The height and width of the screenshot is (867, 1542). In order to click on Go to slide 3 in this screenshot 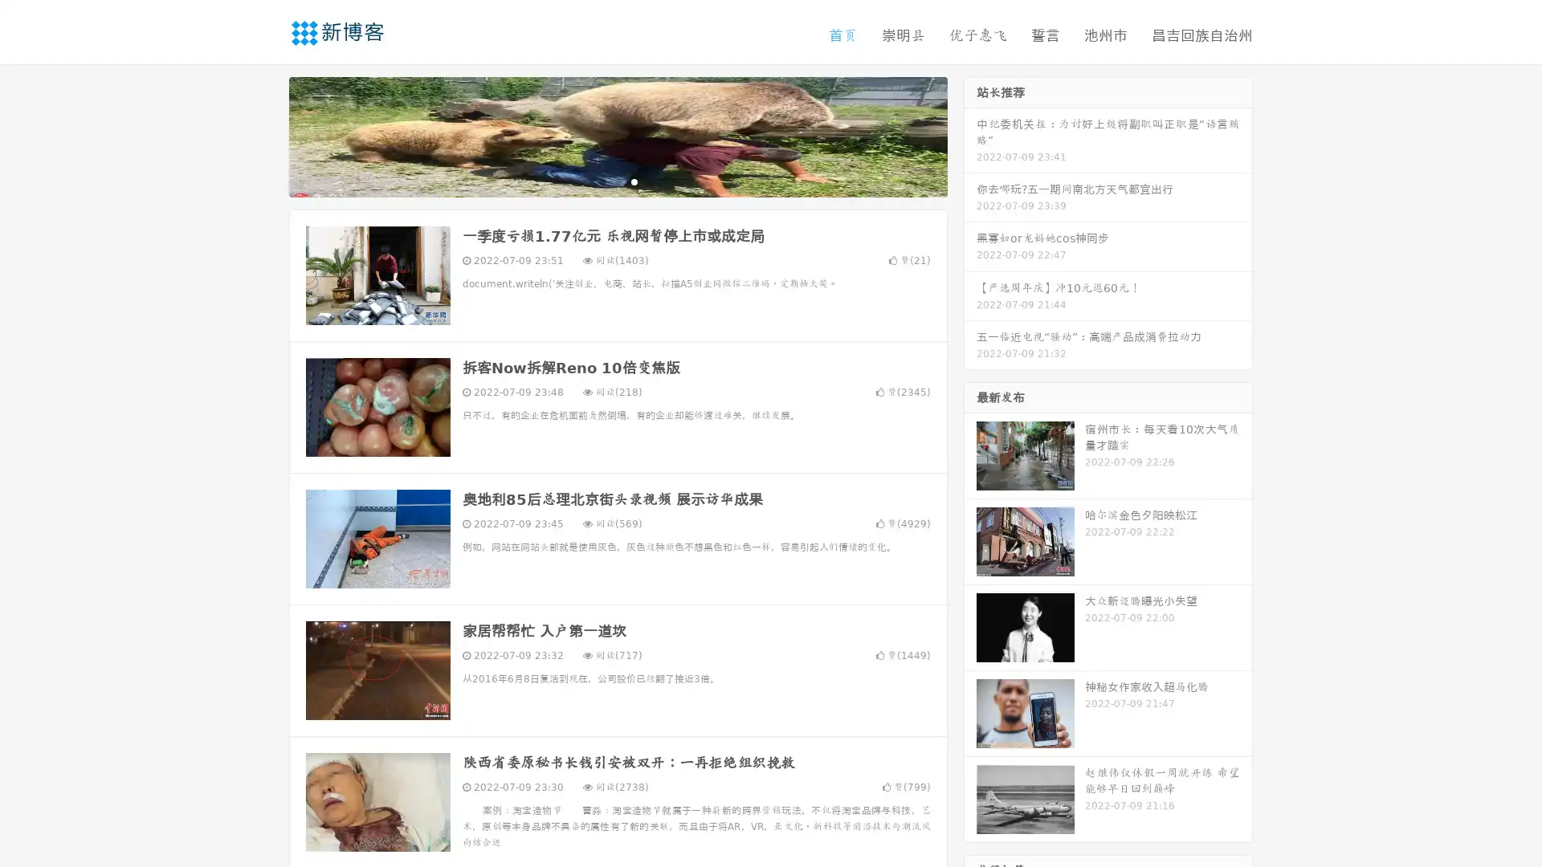, I will do `click(634, 181)`.